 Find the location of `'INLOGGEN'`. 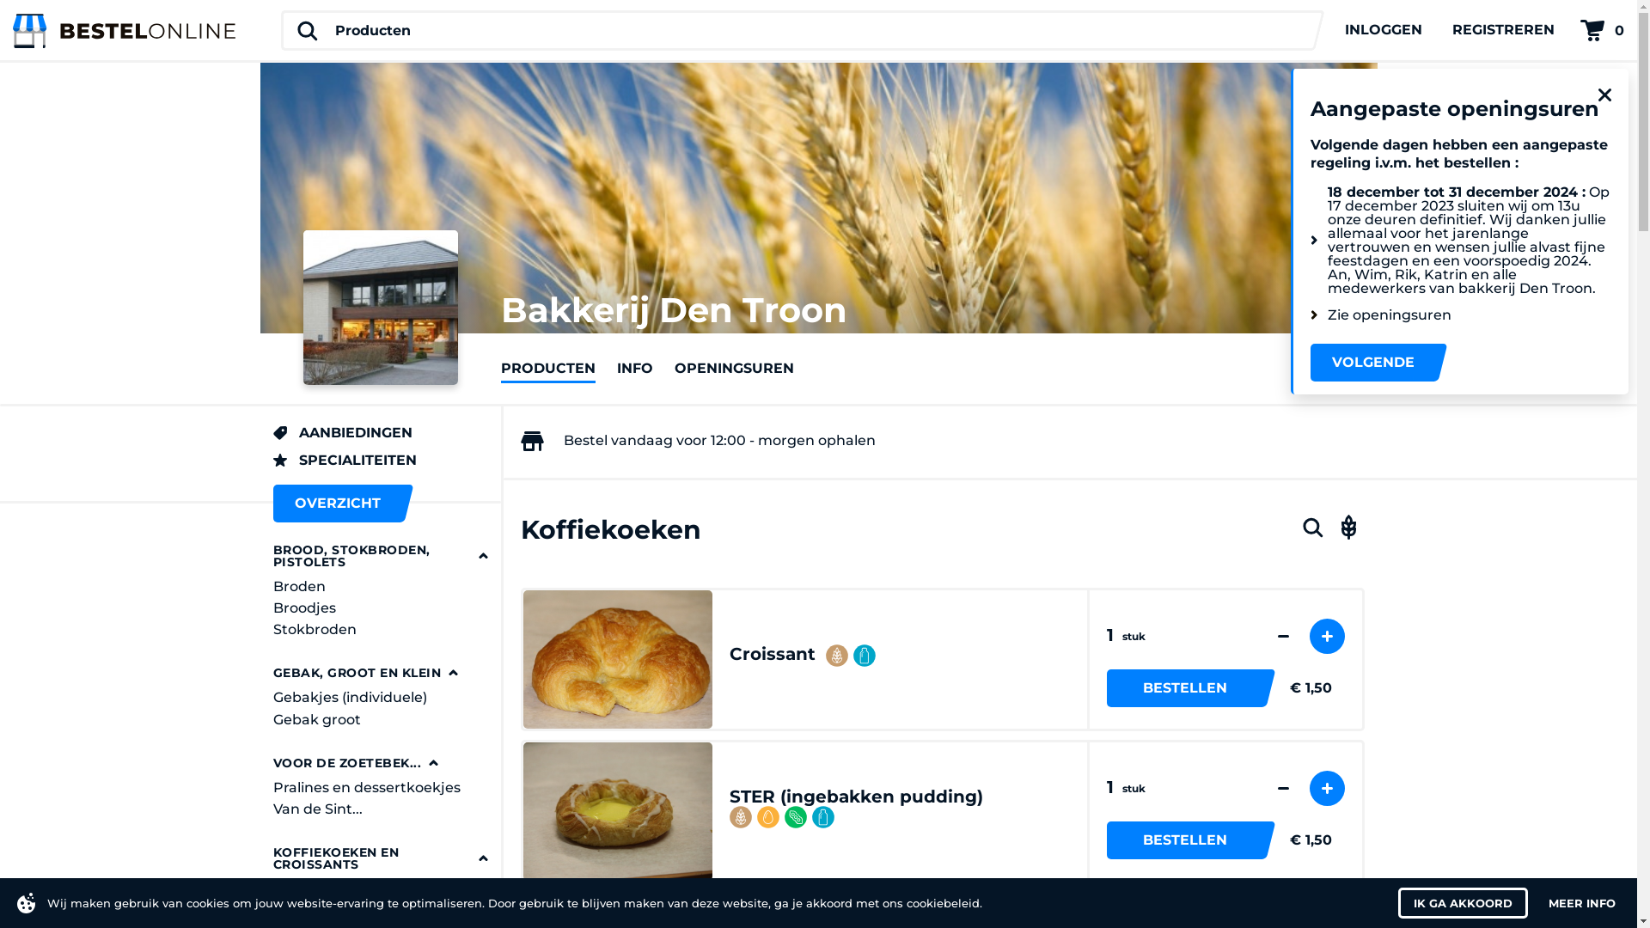

'INLOGGEN' is located at coordinates (1383, 29).